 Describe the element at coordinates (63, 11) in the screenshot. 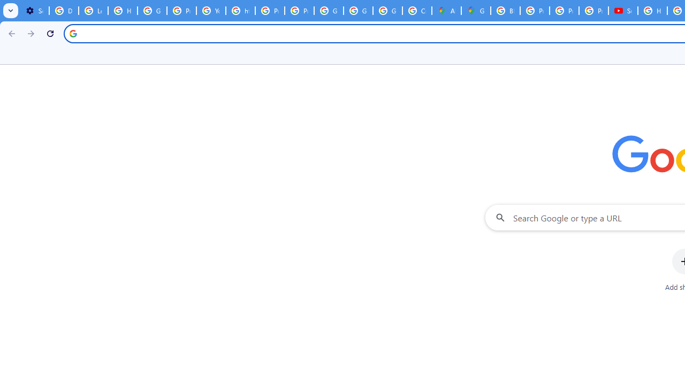

I see `'Delete photos & videos - Computer - Google Photos Help'` at that location.